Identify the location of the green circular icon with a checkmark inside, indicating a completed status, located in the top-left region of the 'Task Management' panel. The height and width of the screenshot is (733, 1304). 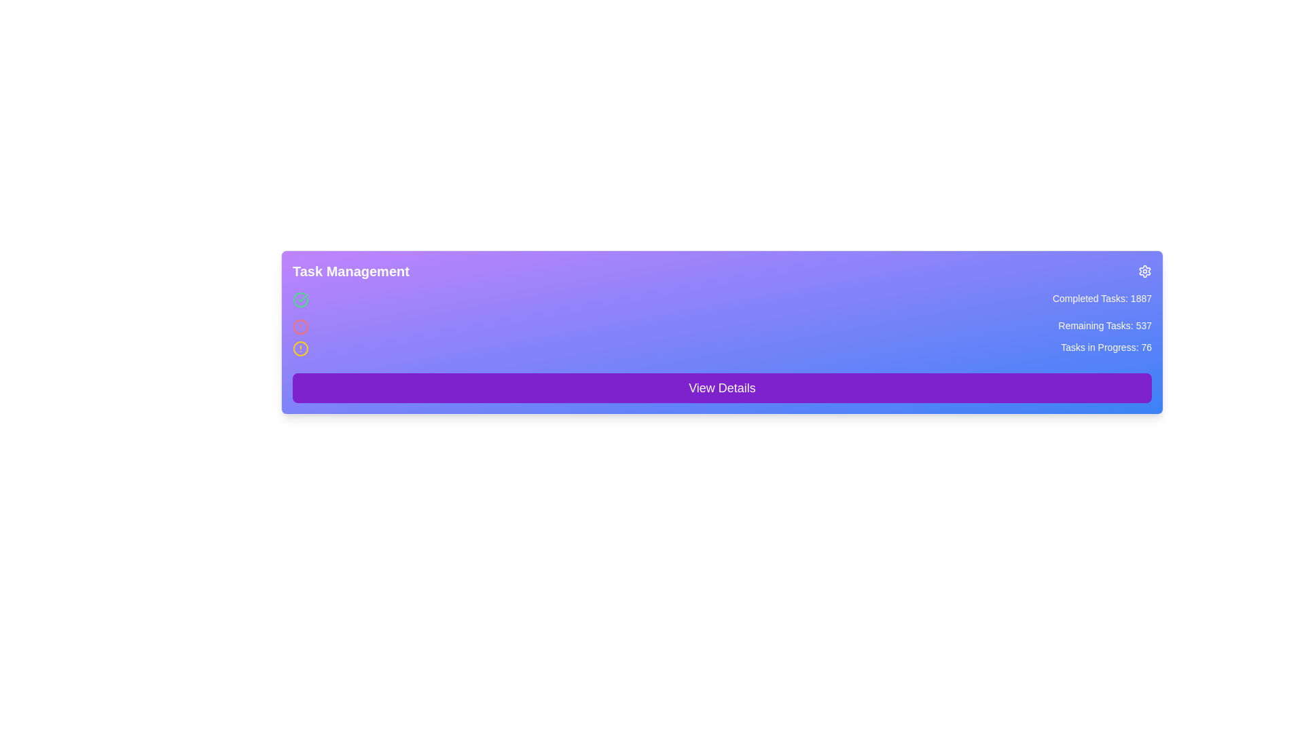
(300, 299).